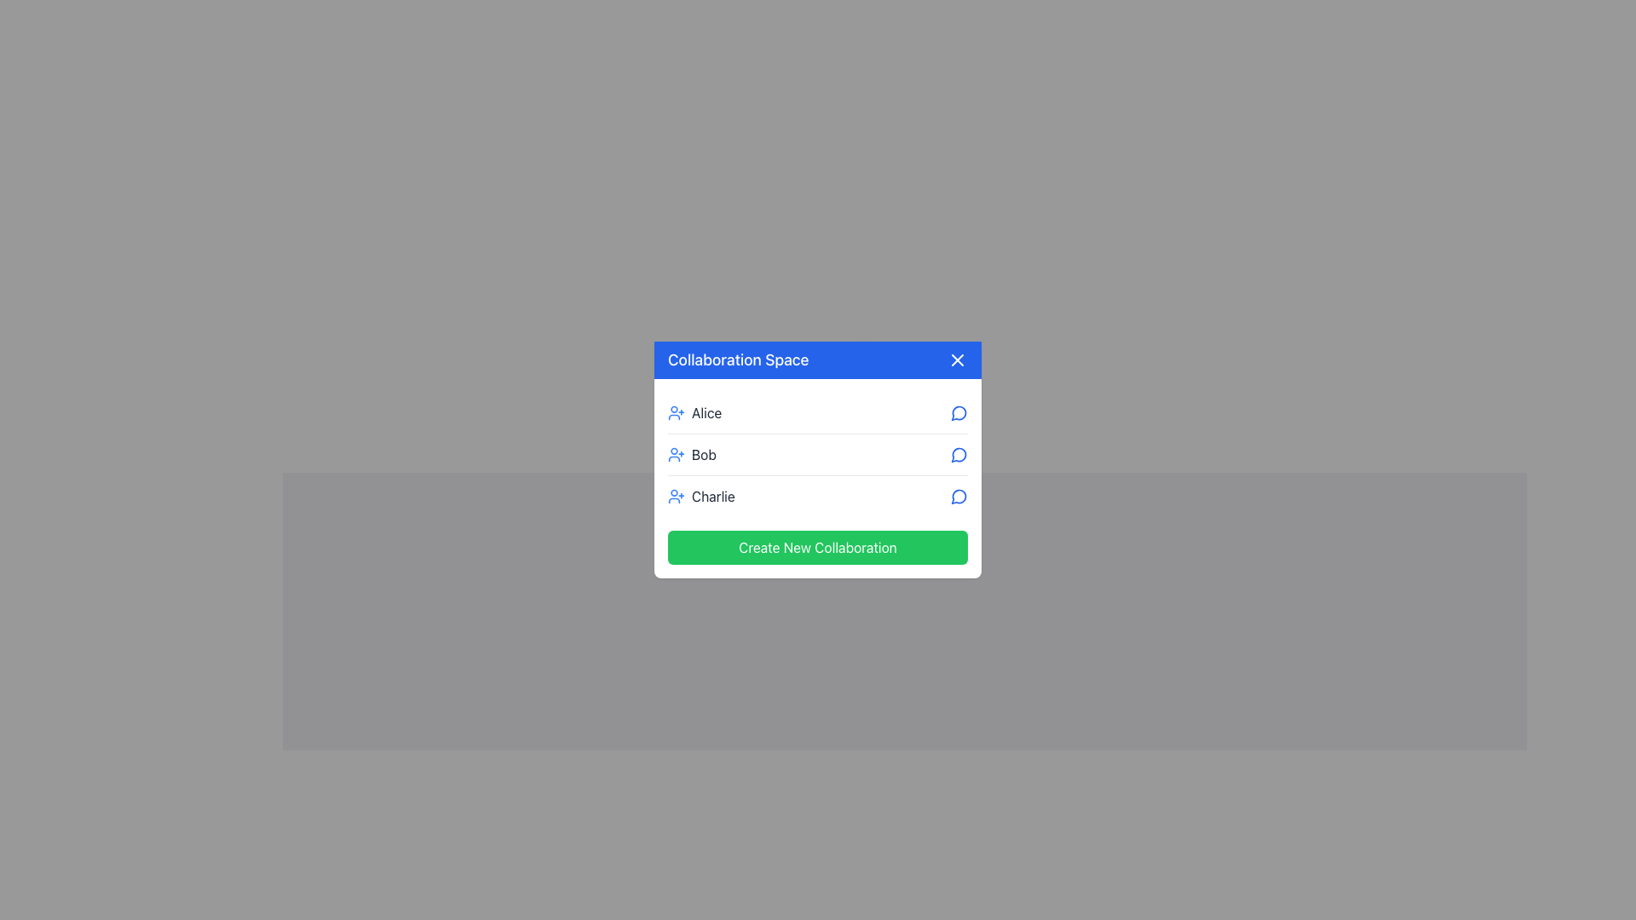 The height and width of the screenshot is (920, 1636). I want to click on the blue user profile icon with a plus sign located to the left of the text 'Alice' in the first row of the user list in the 'Collaboration Space' dialog box to initiate an action, so click(675, 413).